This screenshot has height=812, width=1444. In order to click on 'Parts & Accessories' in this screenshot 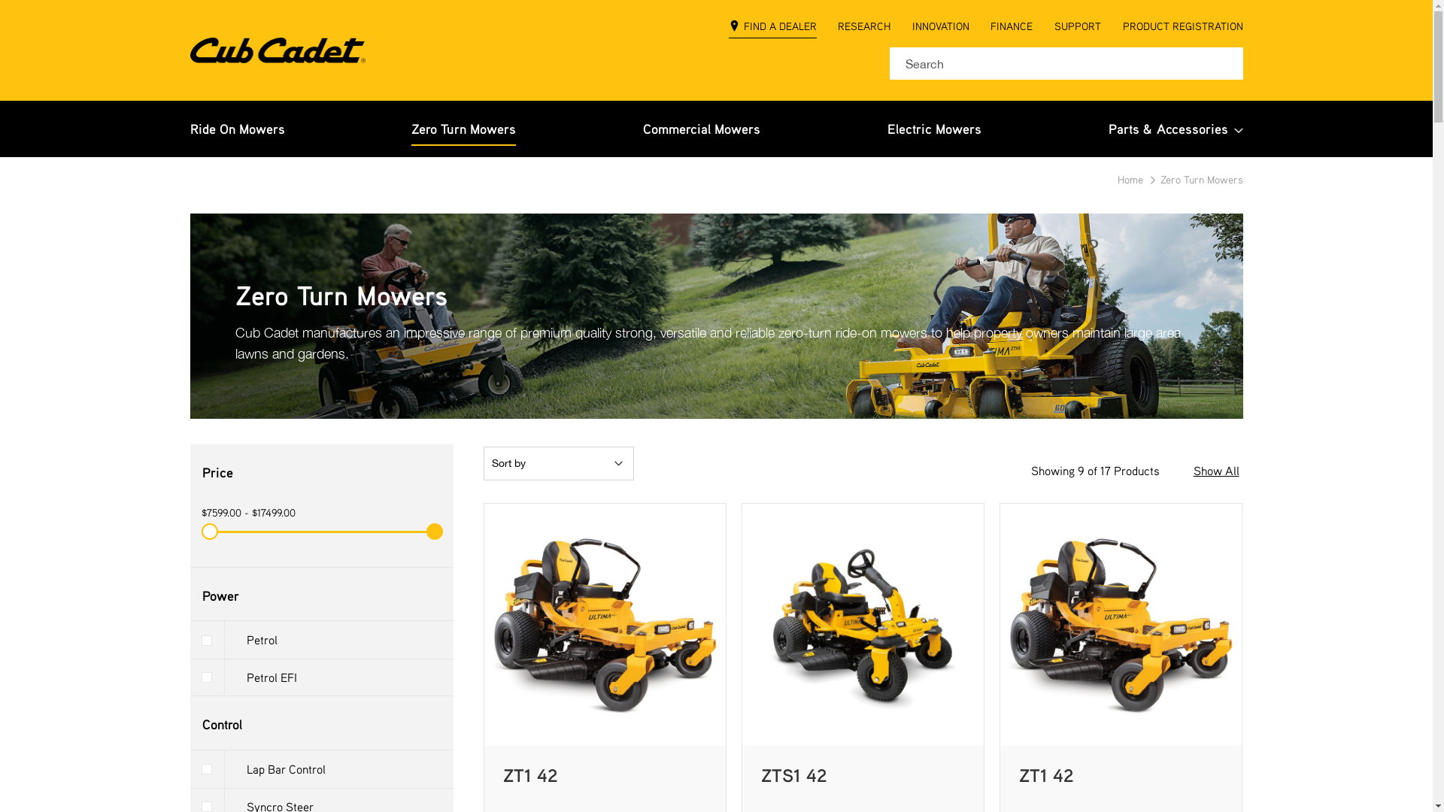, I will do `click(1108, 128)`.